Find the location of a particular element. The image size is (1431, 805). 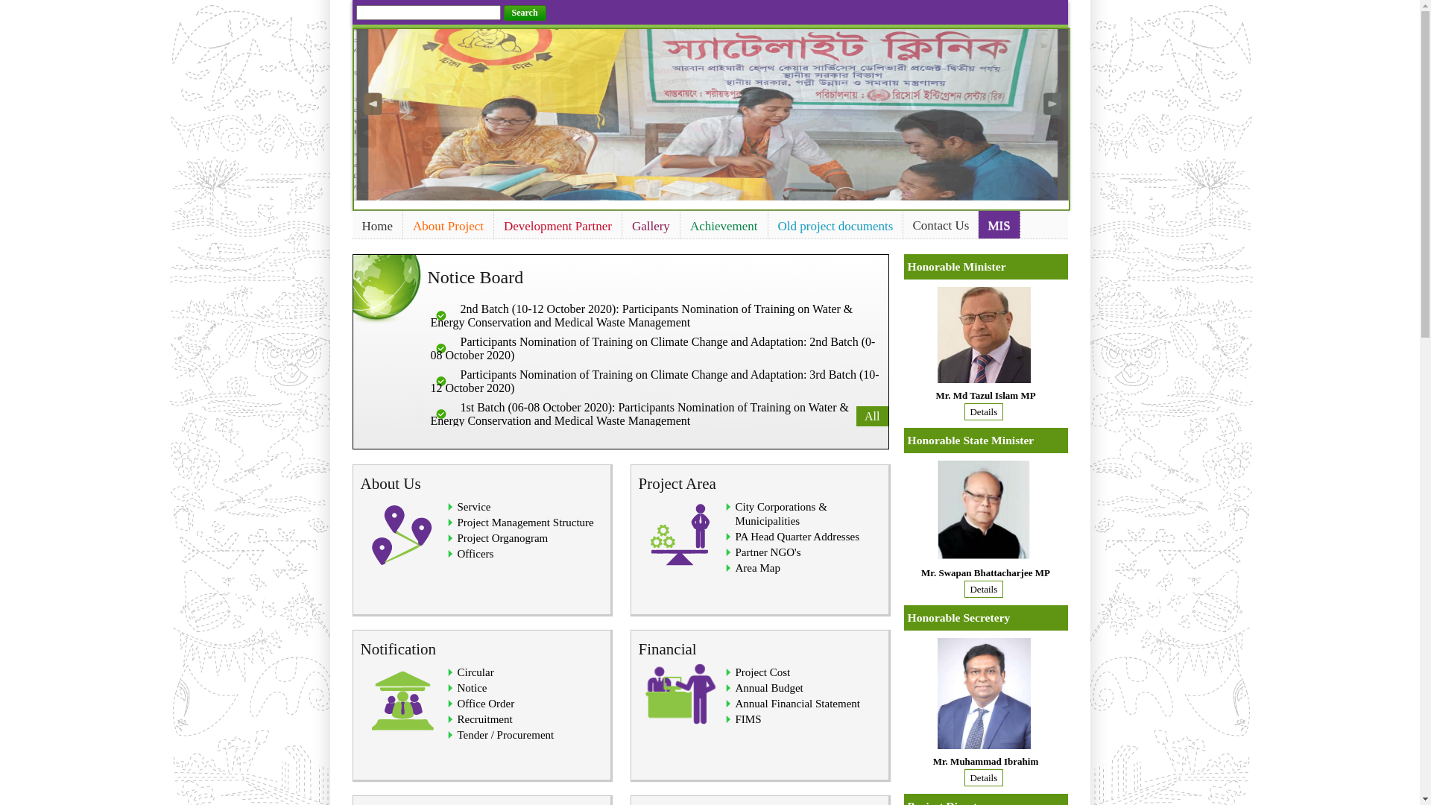

'Development Partner' is located at coordinates (557, 227).